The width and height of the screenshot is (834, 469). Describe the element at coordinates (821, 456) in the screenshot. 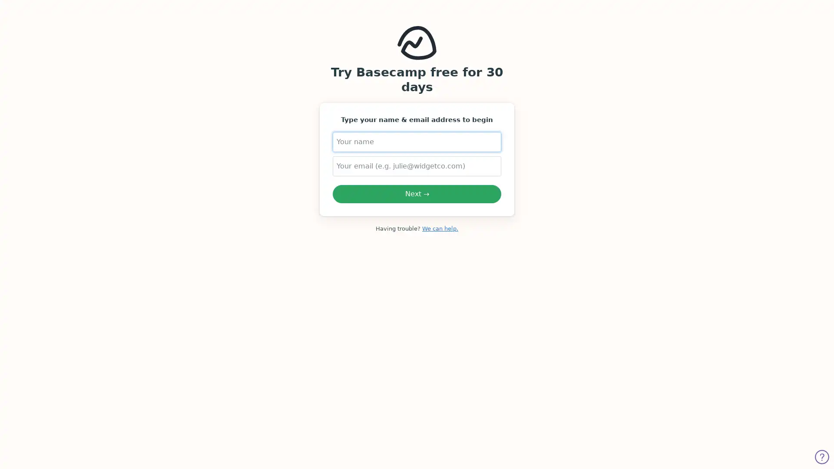

I see `Get help` at that location.